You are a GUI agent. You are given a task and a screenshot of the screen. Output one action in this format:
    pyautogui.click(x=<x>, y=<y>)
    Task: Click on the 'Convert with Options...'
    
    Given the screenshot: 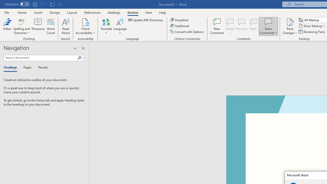 What is the action you would take?
    pyautogui.click(x=187, y=32)
    